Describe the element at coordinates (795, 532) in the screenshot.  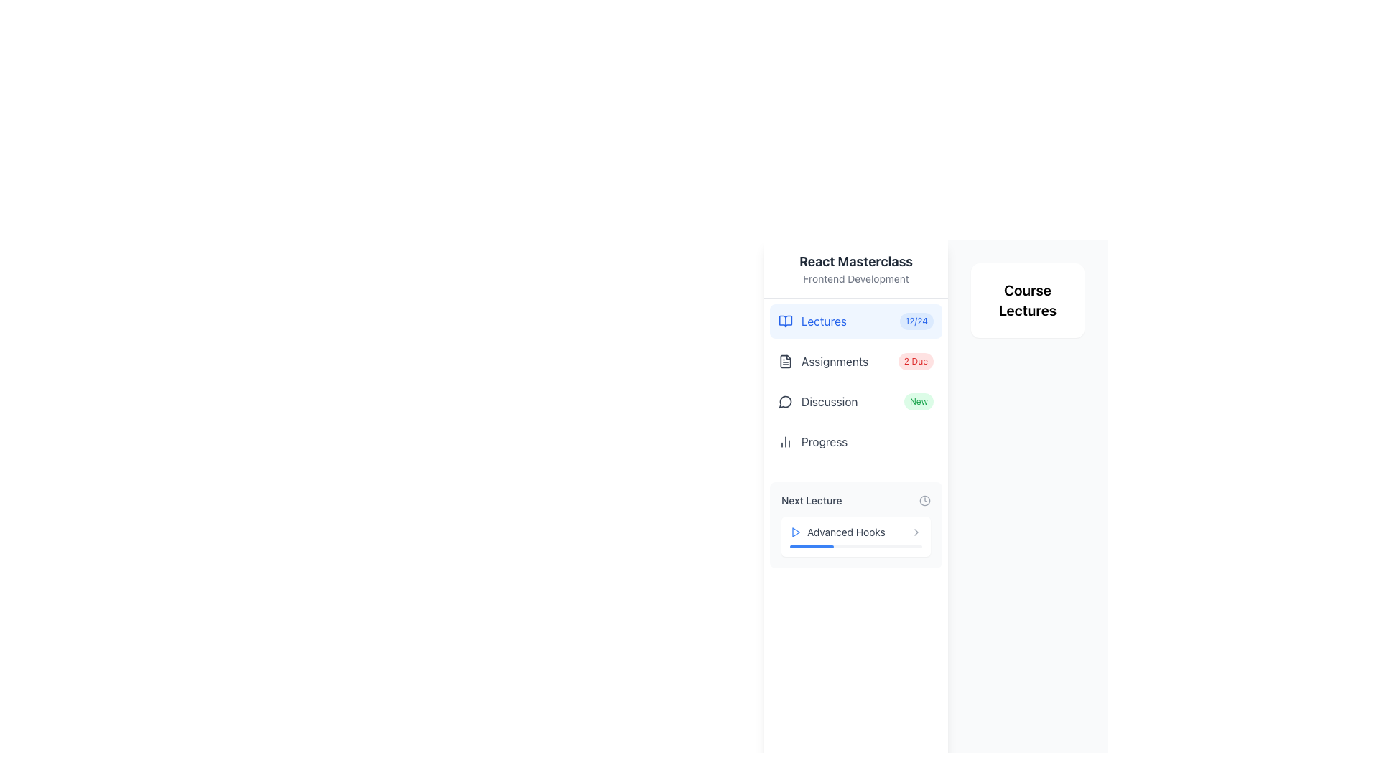
I see `the blue triangular play icon located in the 'Next Lecture' section to the left of the text 'Advanced Hooks' to initiate playback` at that location.